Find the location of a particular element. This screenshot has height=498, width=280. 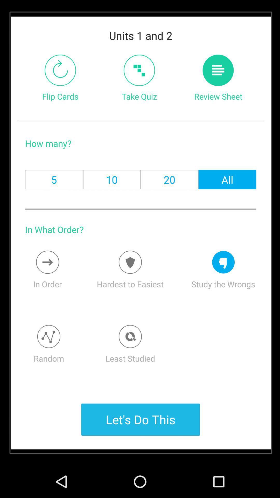

the item below the units 1 and is located at coordinates (139, 70).